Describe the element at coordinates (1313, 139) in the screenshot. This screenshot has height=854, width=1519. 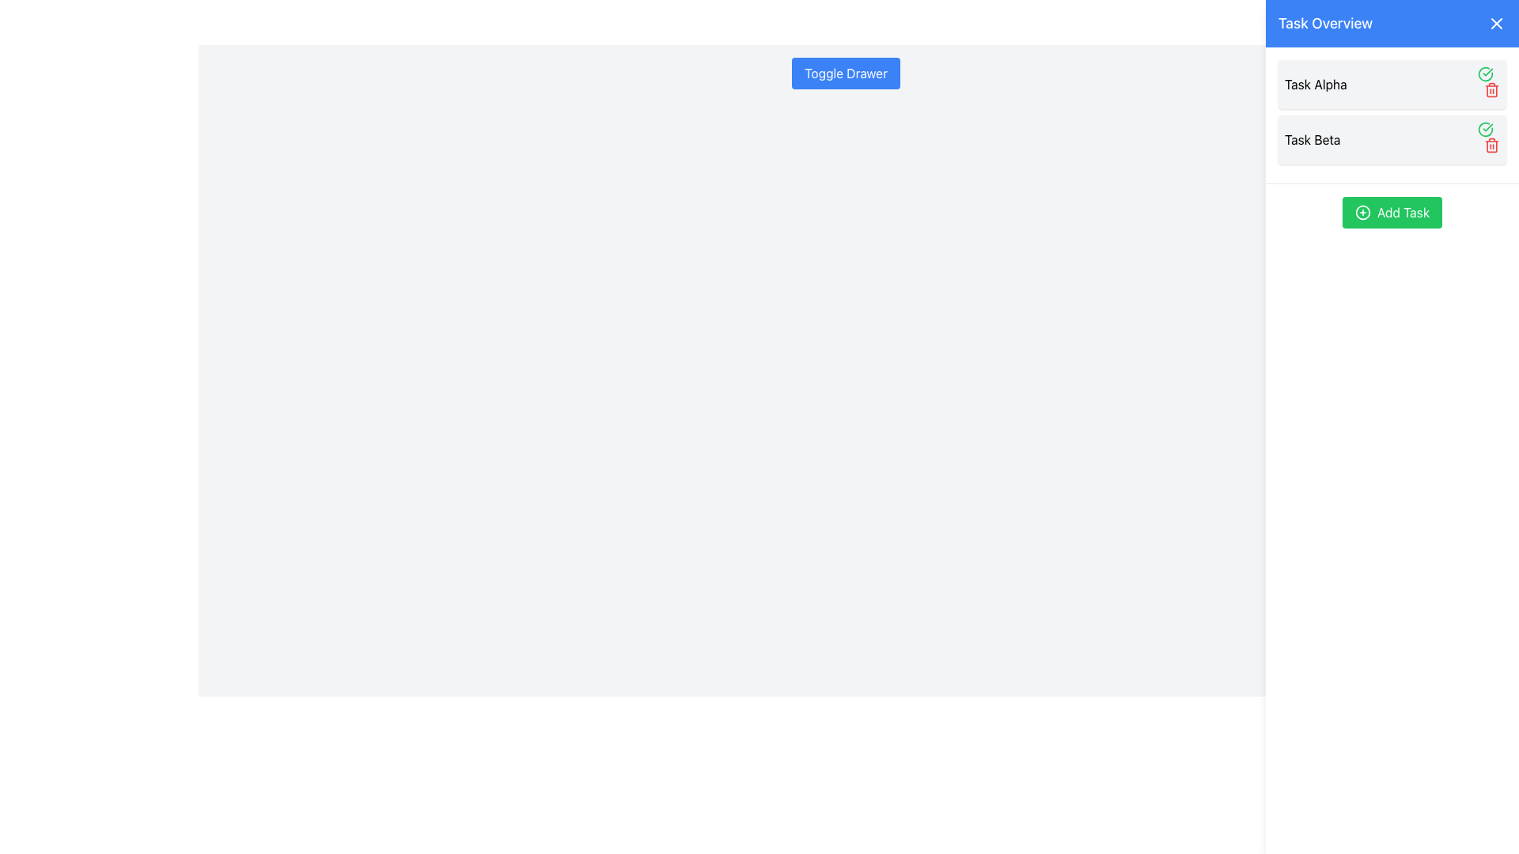
I see `the text label displaying 'Task Beta' in the Task Overview sidebar, which is styled in bold sans-serif font and is positioned between 'Task Alpha' and the 'Add Task' button` at that location.